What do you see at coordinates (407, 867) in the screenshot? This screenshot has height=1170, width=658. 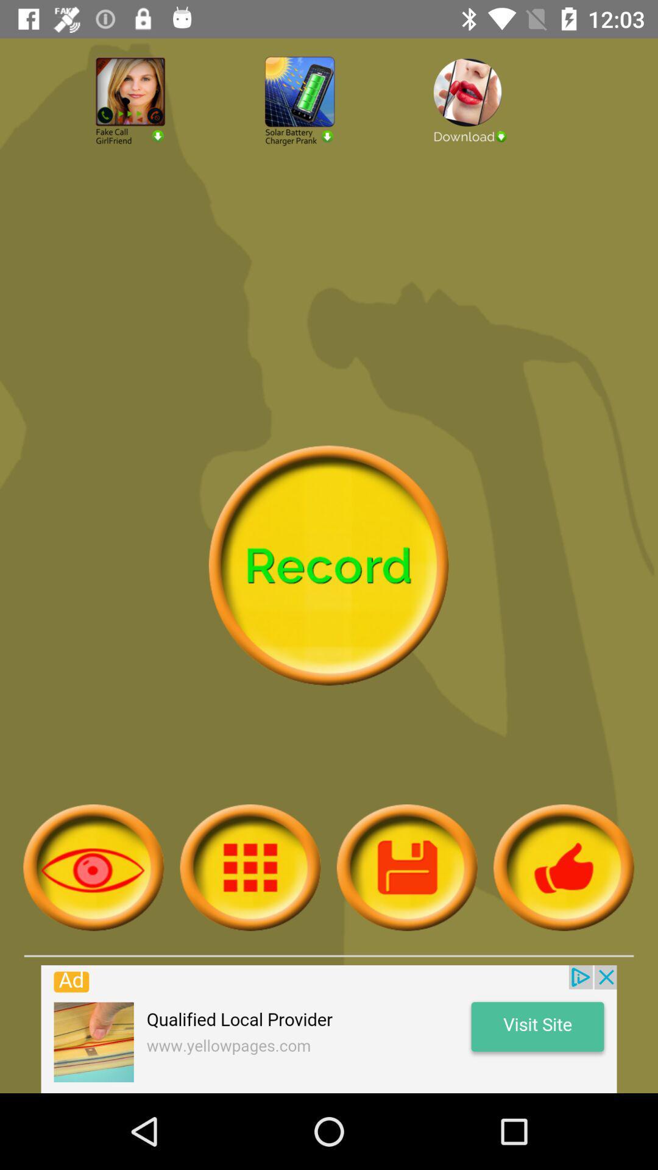 I see `more` at bounding box center [407, 867].